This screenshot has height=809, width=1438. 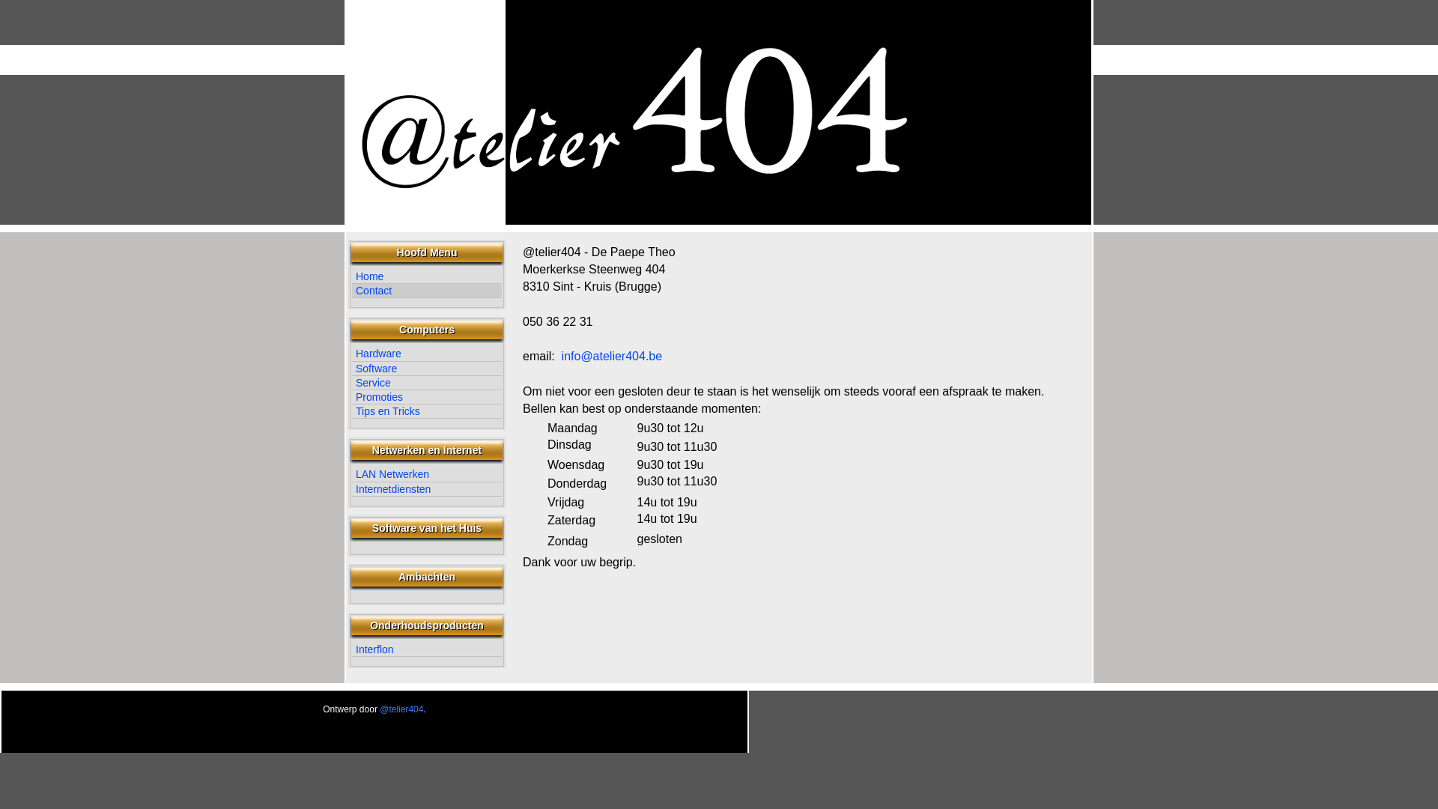 I want to click on 'Contact', so click(x=426, y=291).